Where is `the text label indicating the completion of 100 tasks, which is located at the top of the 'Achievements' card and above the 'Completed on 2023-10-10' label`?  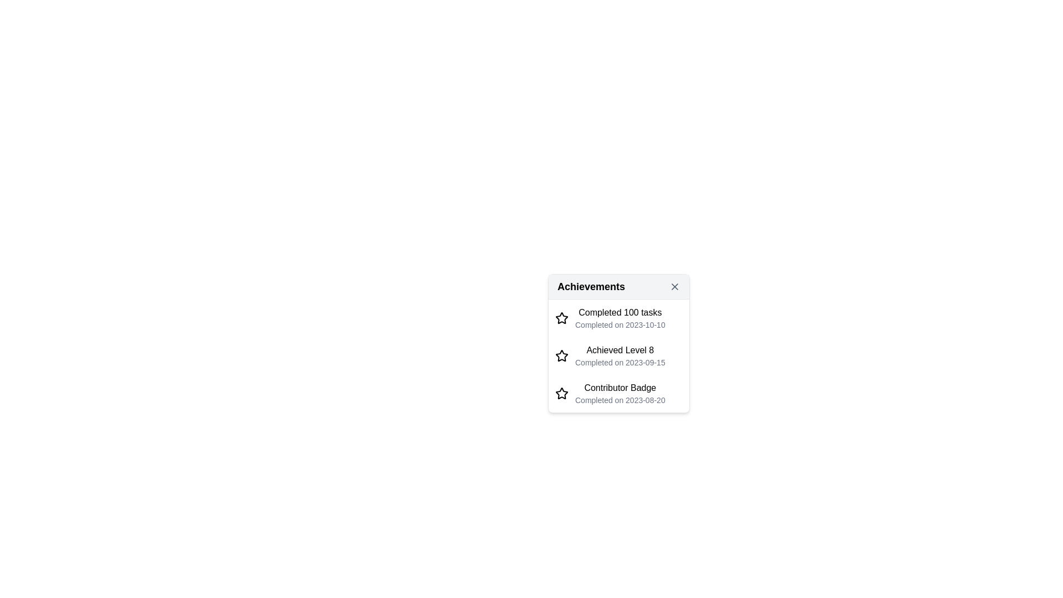 the text label indicating the completion of 100 tasks, which is located at the top of the 'Achievements' card and above the 'Completed on 2023-10-10' label is located at coordinates (620, 312).